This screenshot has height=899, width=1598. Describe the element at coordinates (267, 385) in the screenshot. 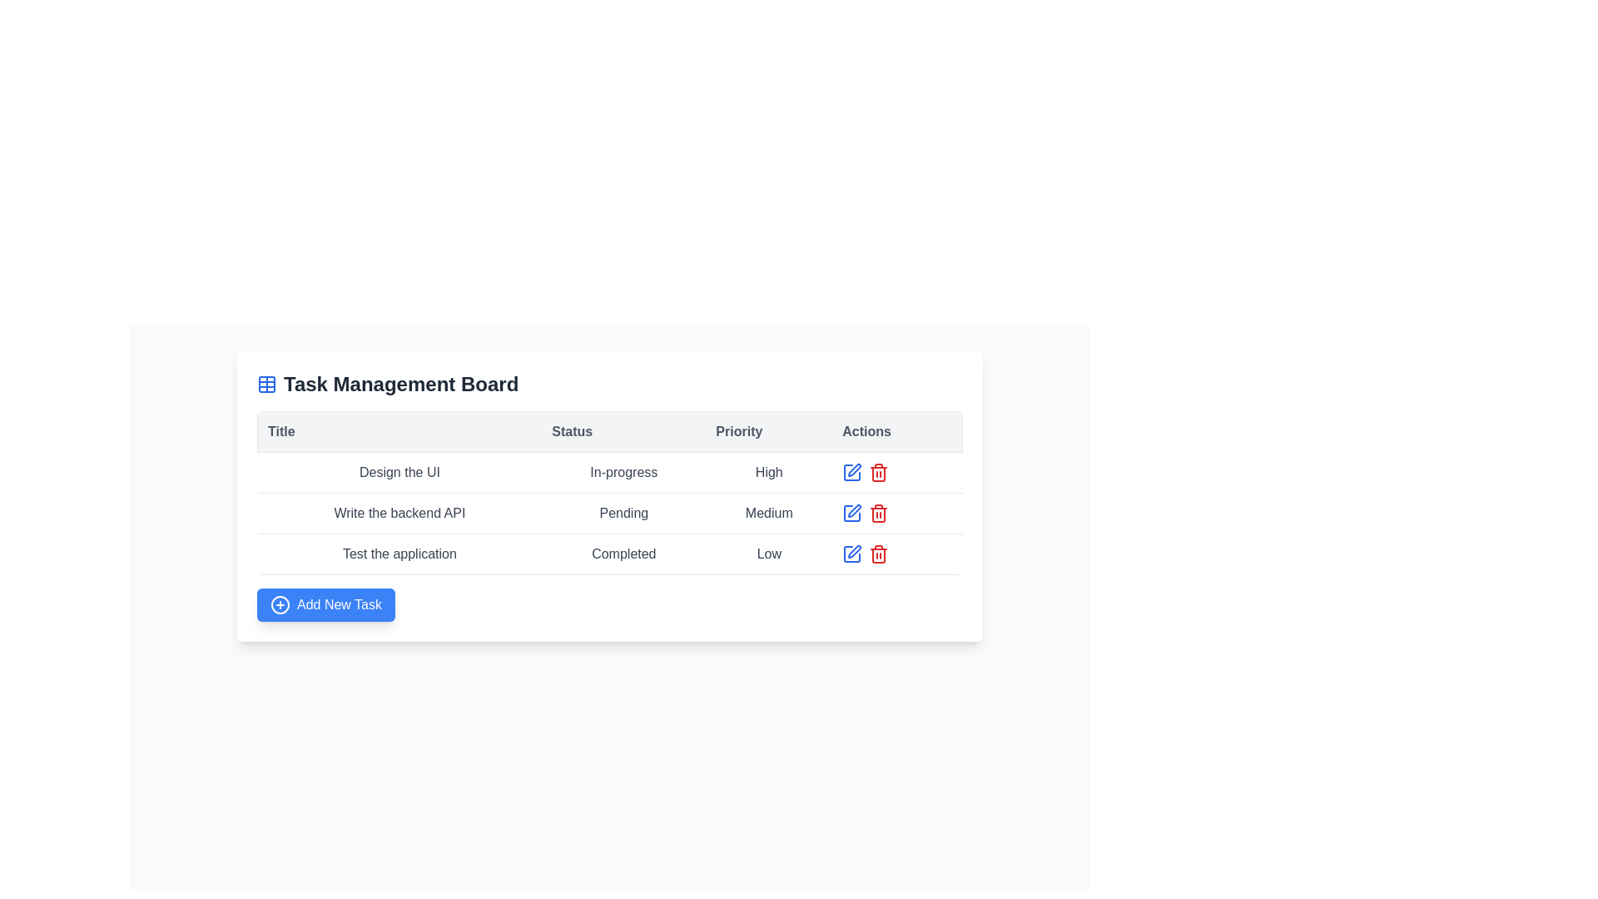

I see `the Decorative Icon (SVG) that visually represents the task management board, located to the left of the 'Task Management Board' text in the header` at that location.